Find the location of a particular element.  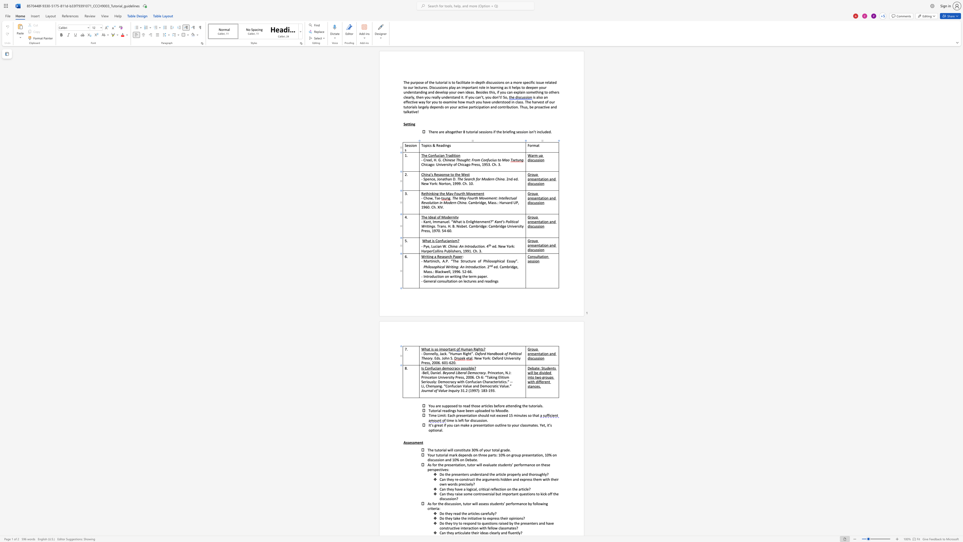

the space between the continuous character "I" and "s" in the text is located at coordinates (422, 368).